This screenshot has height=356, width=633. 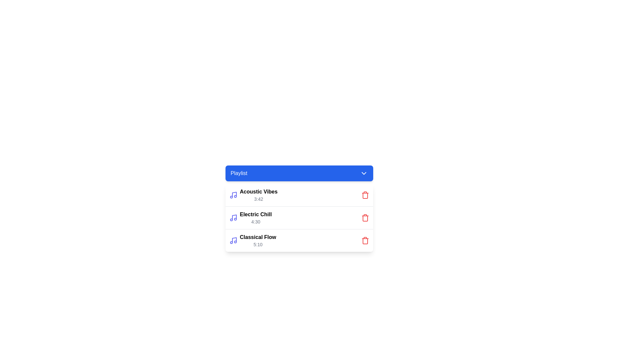 I want to click on the music-related content icon associated with 'Electric Chill' and '4:30' in the second row under the 'Playlist' heading, so click(x=233, y=218).